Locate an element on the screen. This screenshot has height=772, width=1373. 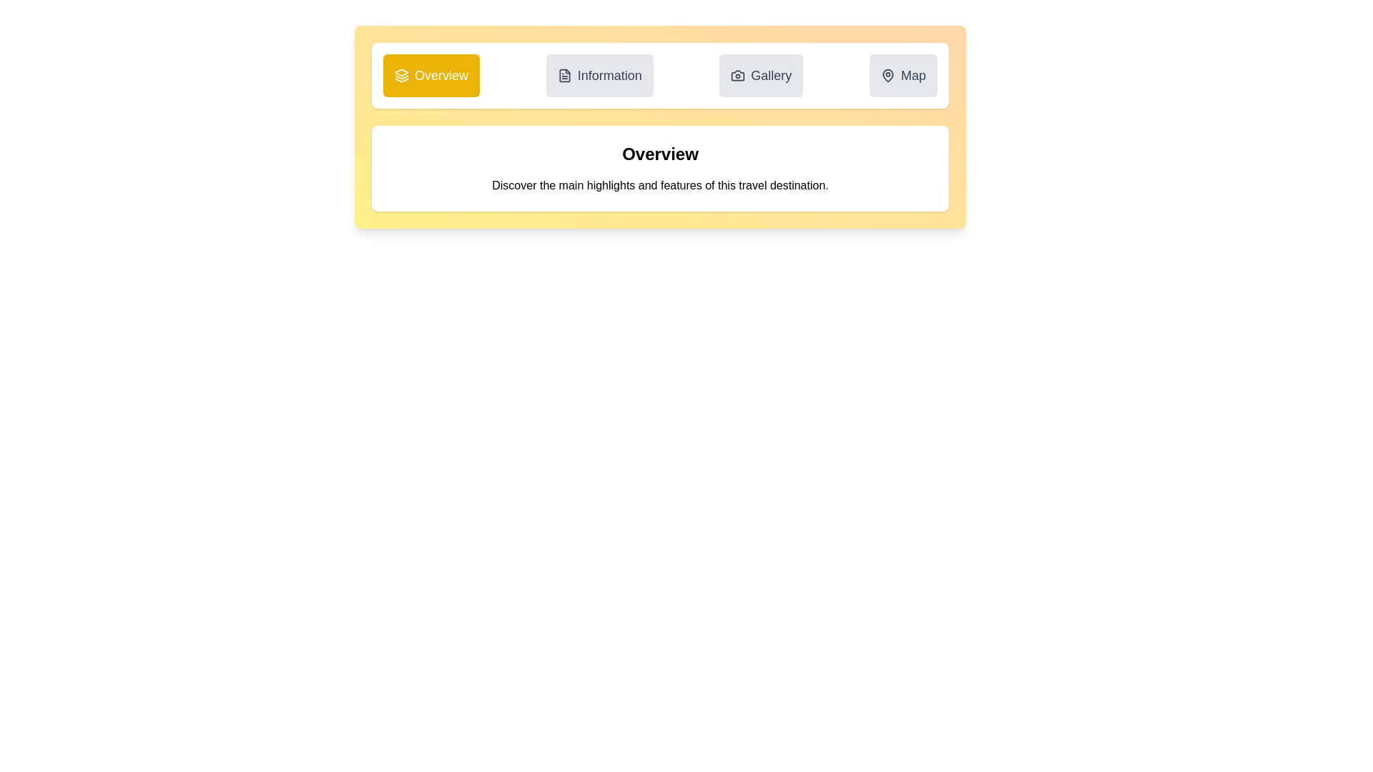
the tab labeled Gallery to observe its hover effect is located at coordinates (760, 75).